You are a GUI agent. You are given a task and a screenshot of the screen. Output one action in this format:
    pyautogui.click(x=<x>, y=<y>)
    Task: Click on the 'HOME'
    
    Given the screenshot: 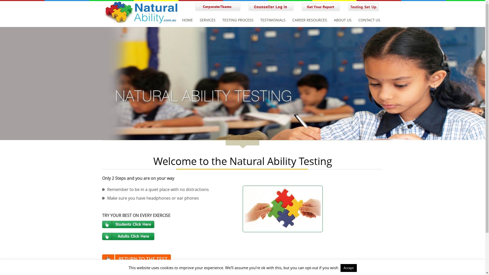 What is the action you would take?
    pyautogui.click(x=187, y=20)
    